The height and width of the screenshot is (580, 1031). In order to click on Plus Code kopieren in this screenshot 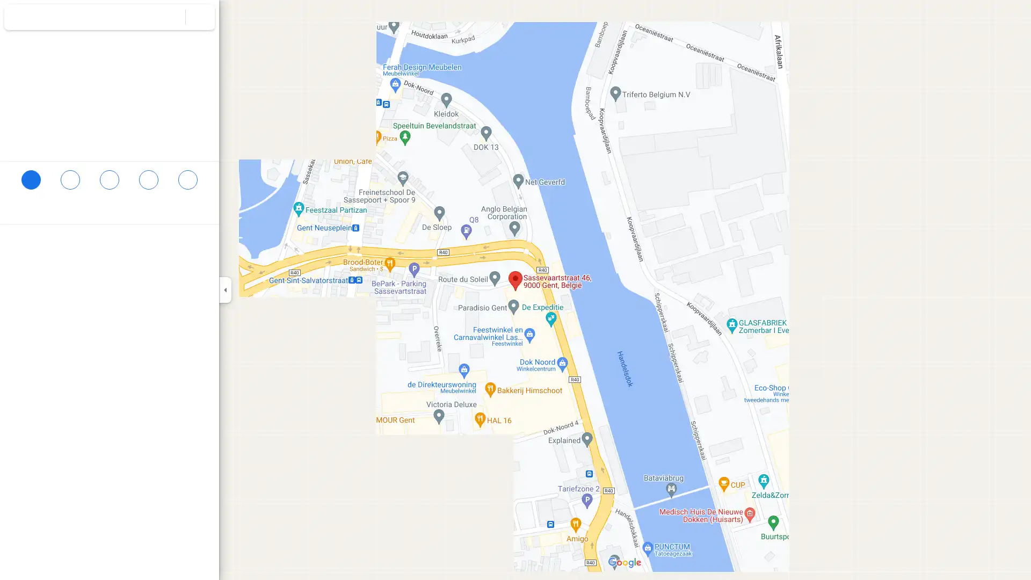, I will do `click(177, 265)`.